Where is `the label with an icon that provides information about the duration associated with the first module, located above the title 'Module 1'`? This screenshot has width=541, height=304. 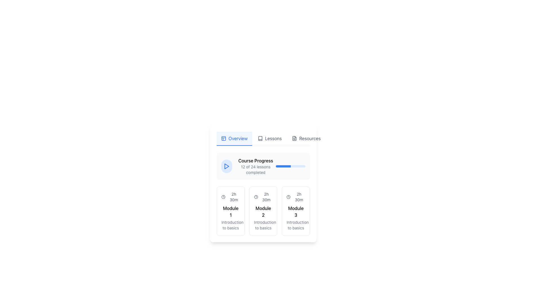 the label with an icon that provides information about the duration associated with the first module, located above the title 'Module 1' is located at coordinates (230, 196).